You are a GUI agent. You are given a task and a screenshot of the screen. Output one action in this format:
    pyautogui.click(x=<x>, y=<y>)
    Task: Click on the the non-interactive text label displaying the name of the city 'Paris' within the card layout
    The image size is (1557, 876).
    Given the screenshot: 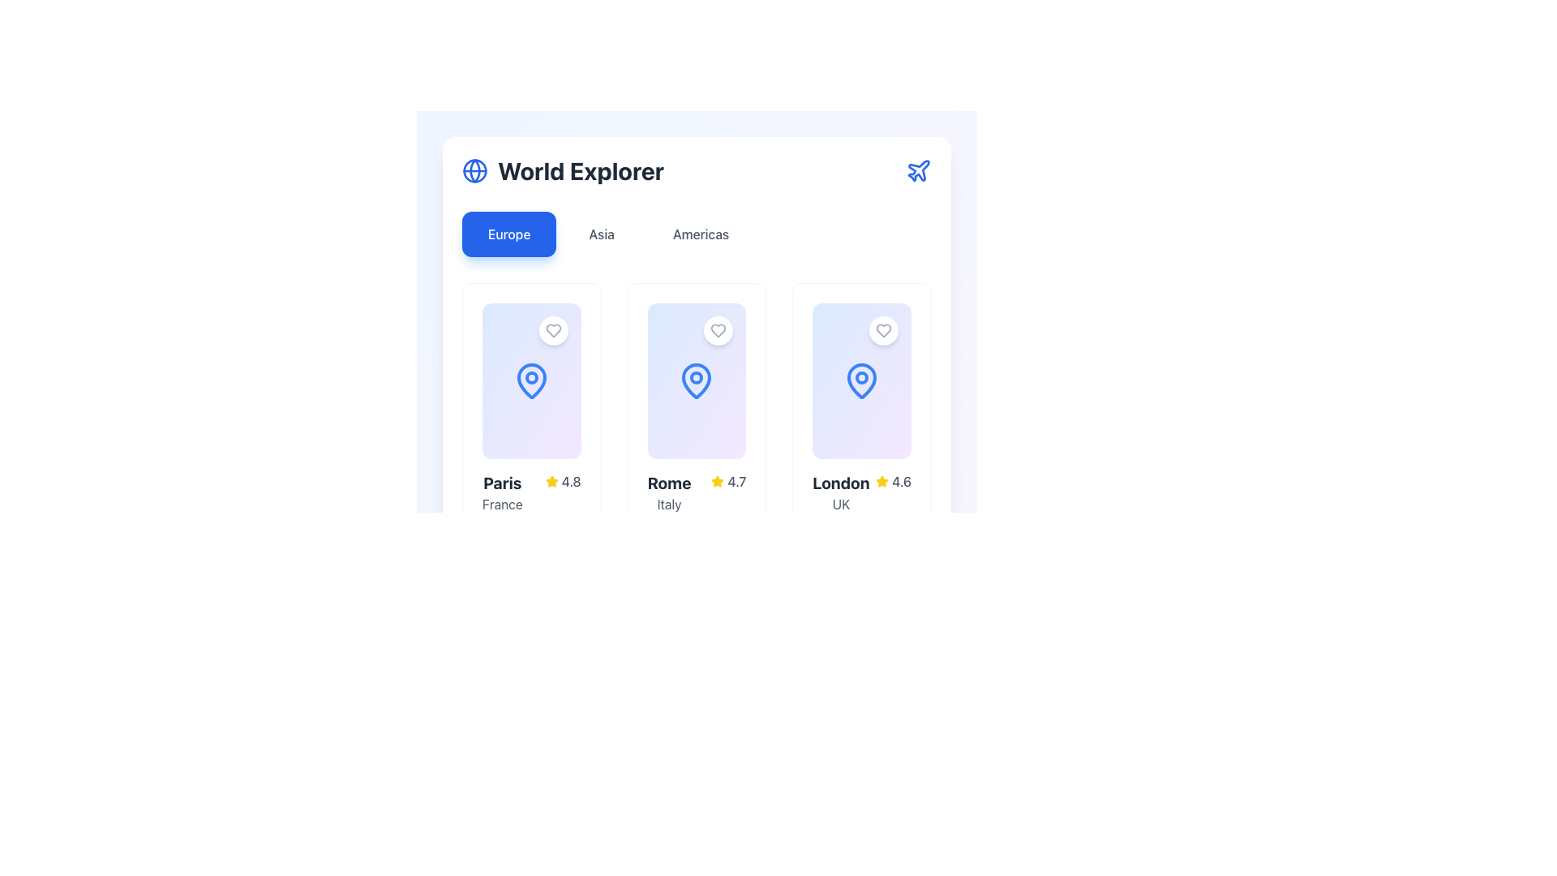 What is the action you would take?
    pyautogui.click(x=501, y=483)
    